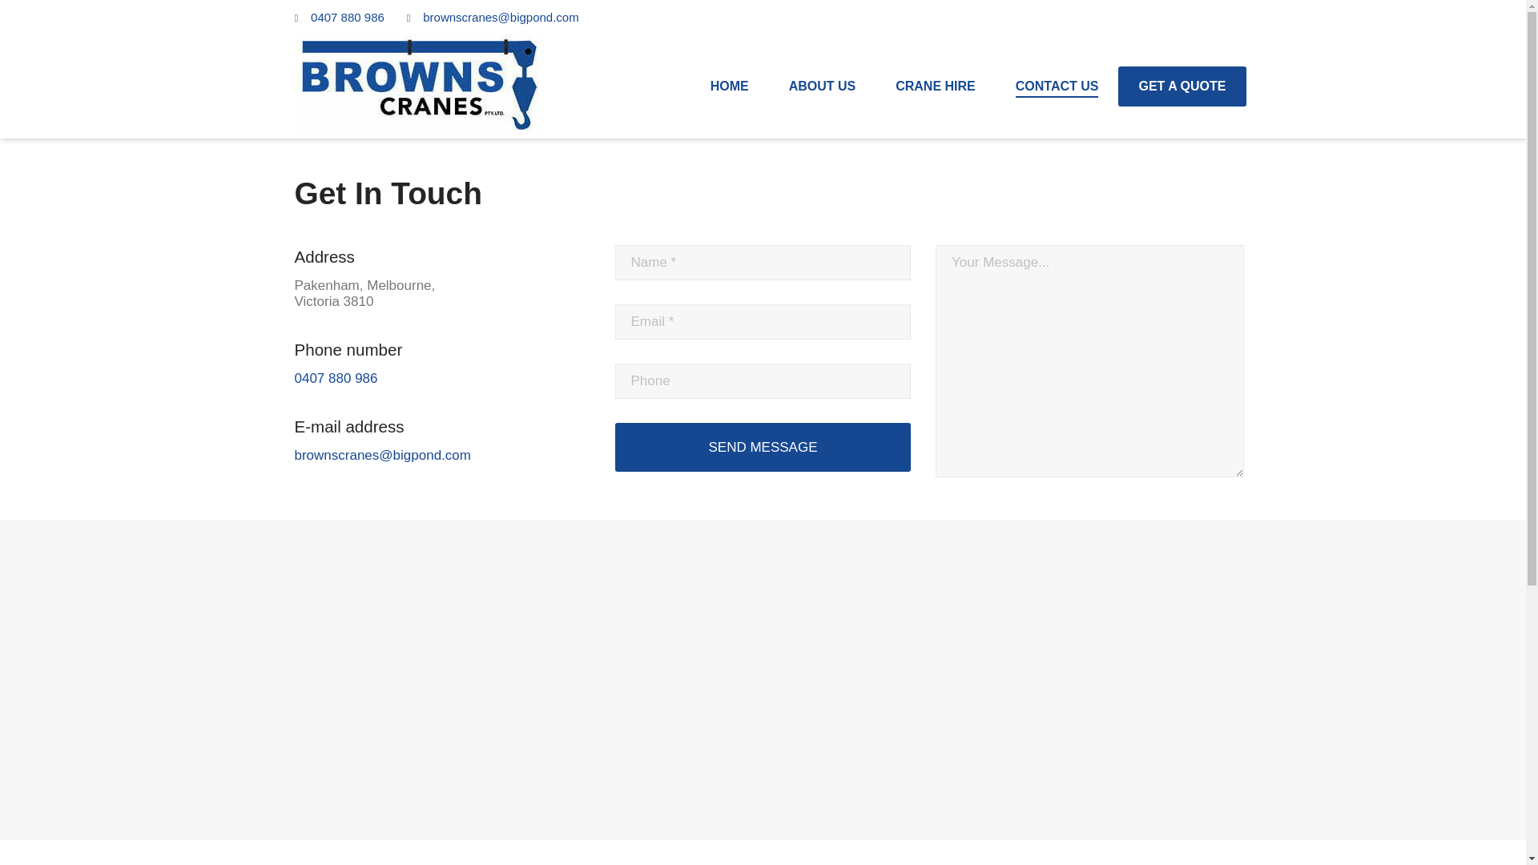 This screenshot has height=865, width=1538. What do you see at coordinates (935, 86) in the screenshot?
I see `'CRANE HIRE'` at bounding box center [935, 86].